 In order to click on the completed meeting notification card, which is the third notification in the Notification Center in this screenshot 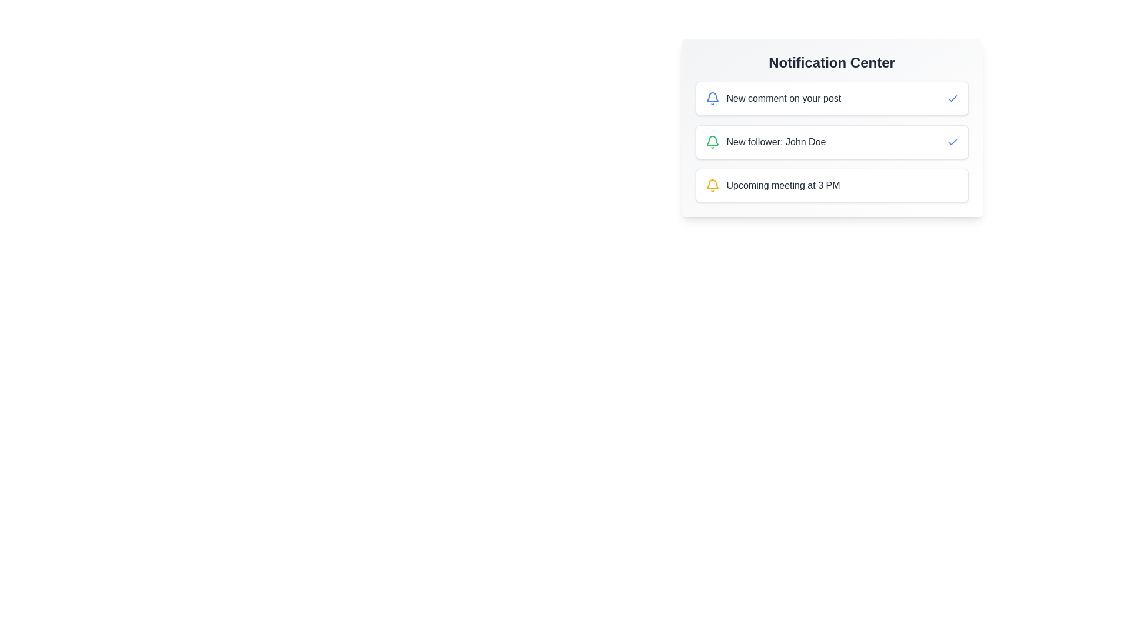, I will do `click(831, 185)`.